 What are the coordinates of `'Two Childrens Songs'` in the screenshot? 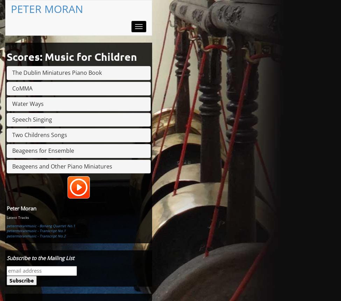 It's located at (39, 135).